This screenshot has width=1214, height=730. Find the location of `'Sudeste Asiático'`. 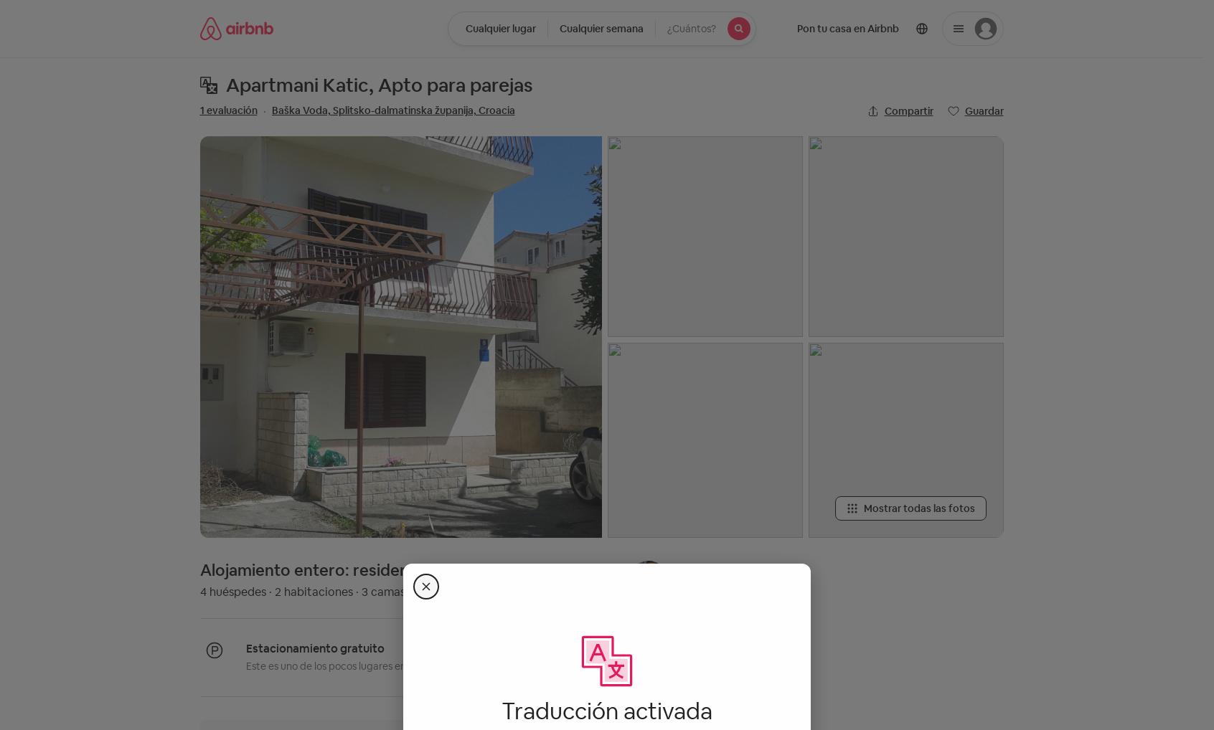

'Sudeste Asiático' is located at coordinates (545, 175).